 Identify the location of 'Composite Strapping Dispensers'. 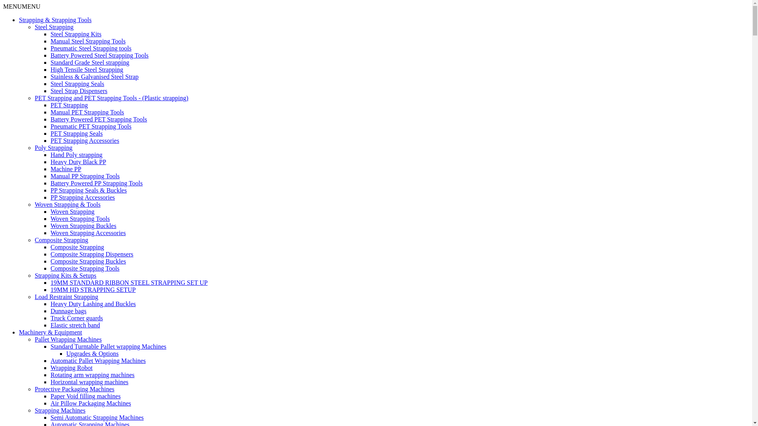
(50, 254).